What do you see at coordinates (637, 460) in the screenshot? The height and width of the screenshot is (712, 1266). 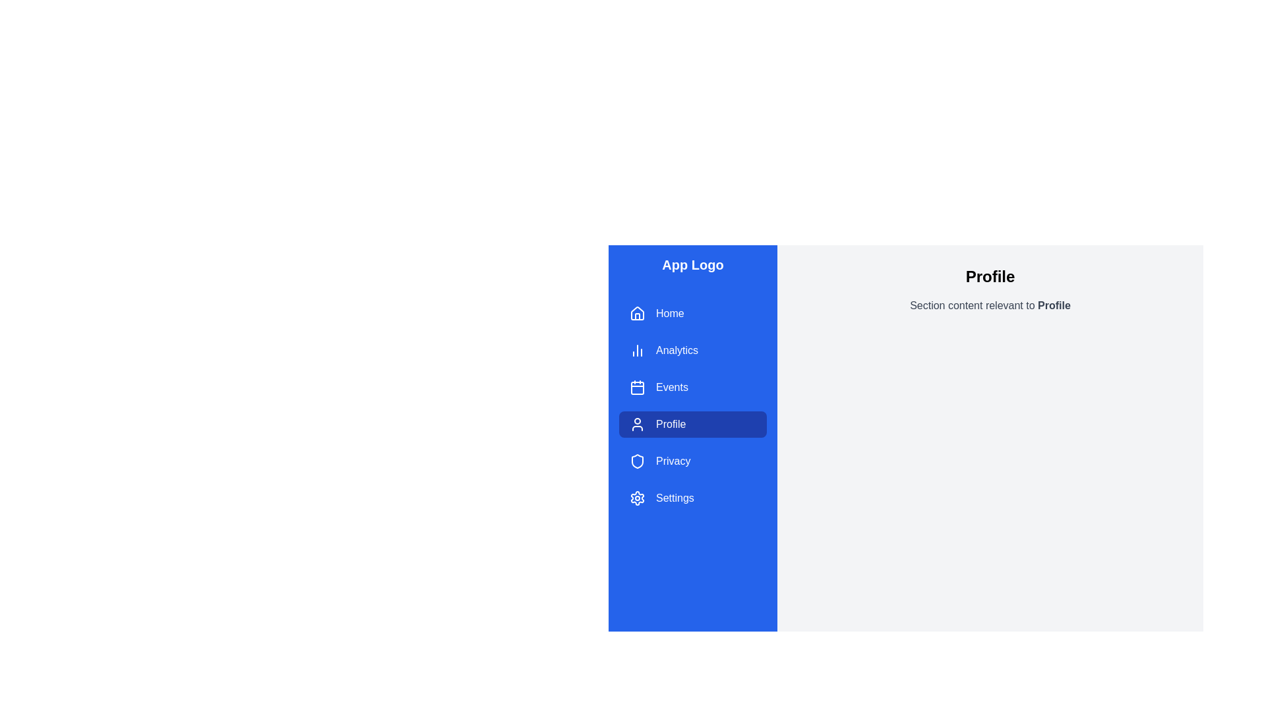 I see `the shield icon in the sidebar navigation menu, which is blue and located below the 'Privacy' item and above the 'Settings' item` at bounding box center [637, 460].